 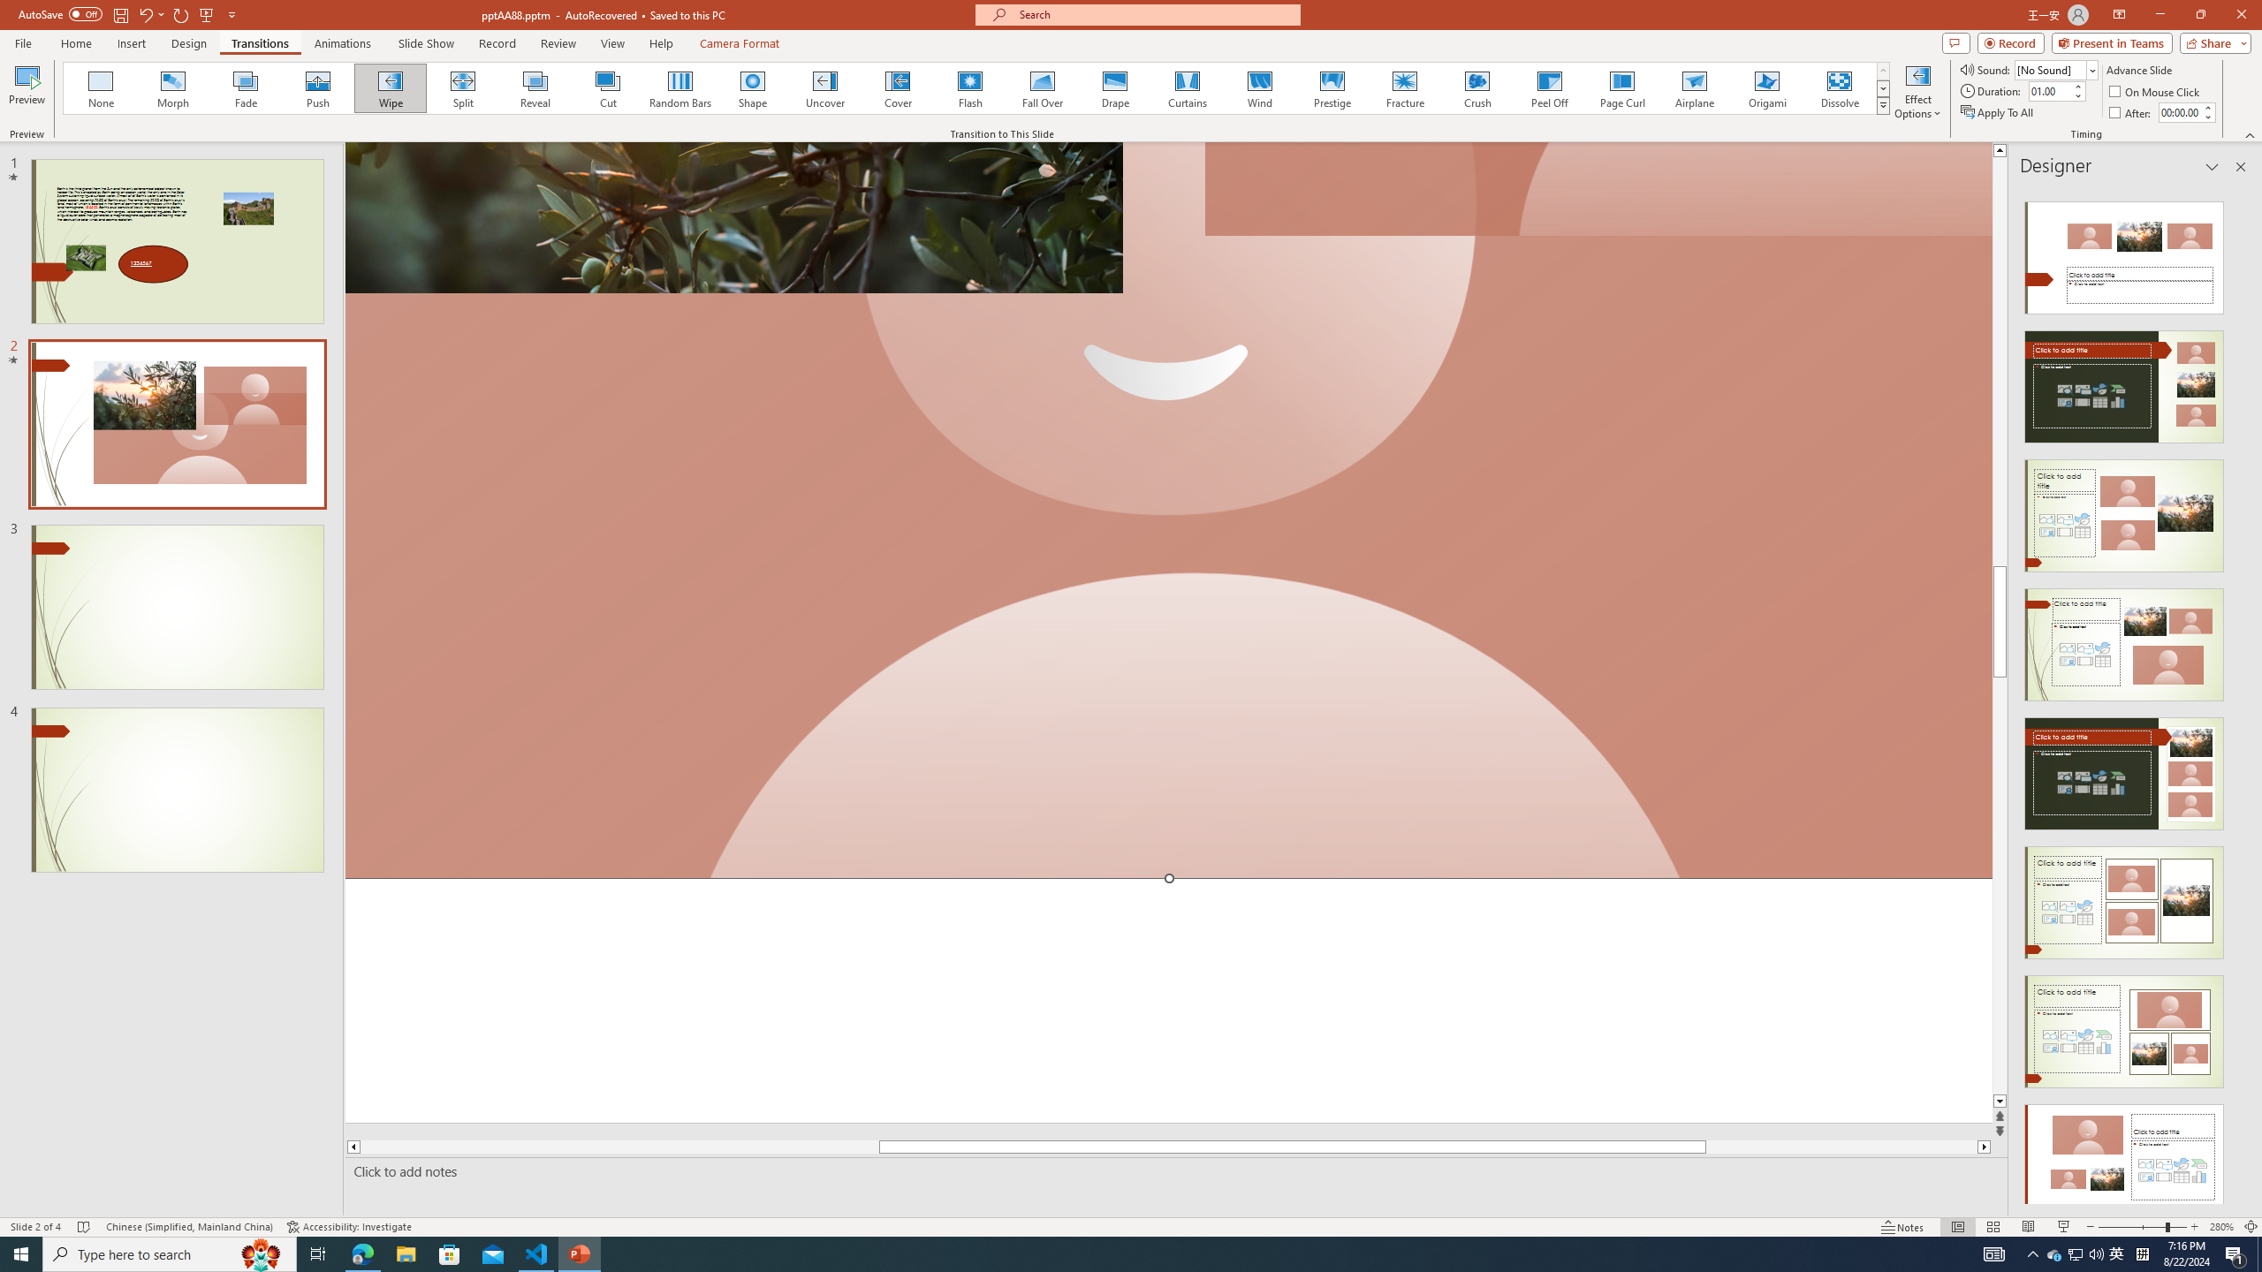 I want to click on 'Notes ', so click(x=1902, y=1227).